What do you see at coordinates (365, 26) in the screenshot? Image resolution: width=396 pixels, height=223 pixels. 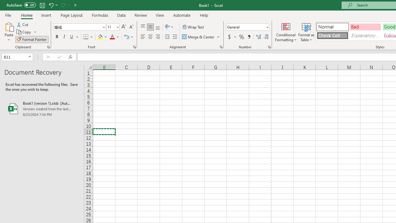 I see `'Bad'` at bounding box center [365, 26].